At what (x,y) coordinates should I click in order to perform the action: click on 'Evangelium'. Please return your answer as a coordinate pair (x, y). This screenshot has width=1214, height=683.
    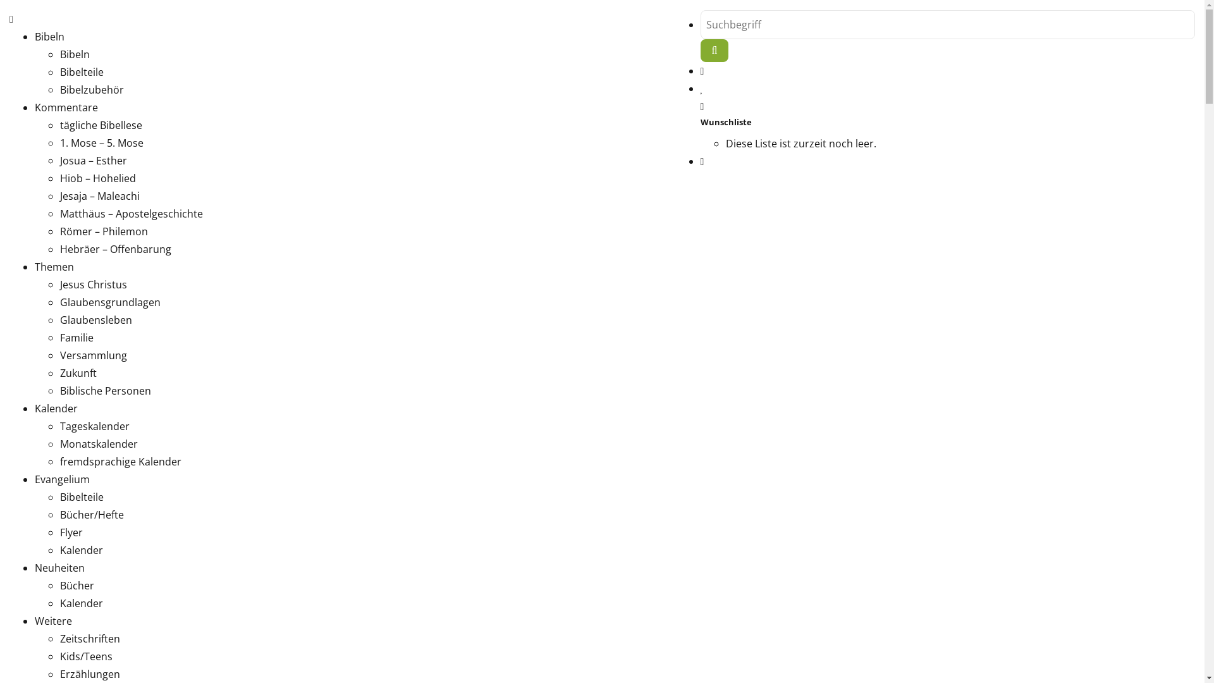
    Looking at the image, I should click on (61, 479).